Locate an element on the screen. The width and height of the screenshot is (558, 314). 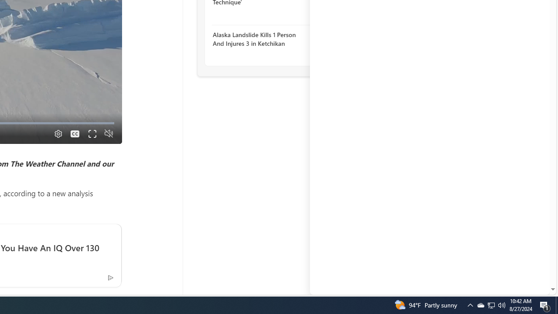
'Unmute' is located at coordinates (108, 133).